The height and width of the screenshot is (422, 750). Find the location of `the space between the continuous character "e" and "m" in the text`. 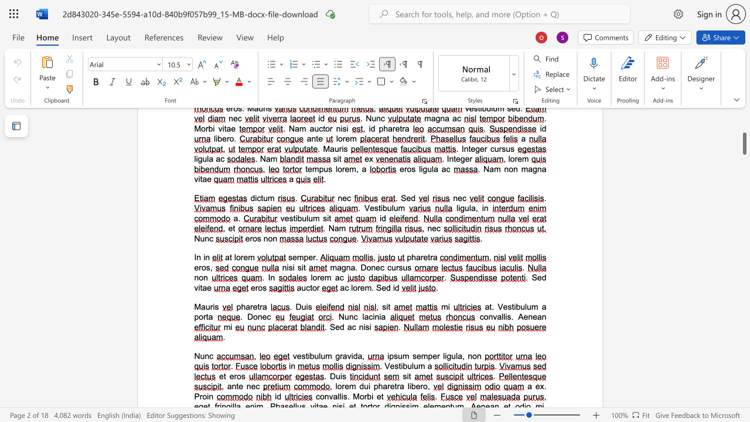

the space between the continuous character "e" and "m" in the text is located at coordinates (248, 257).